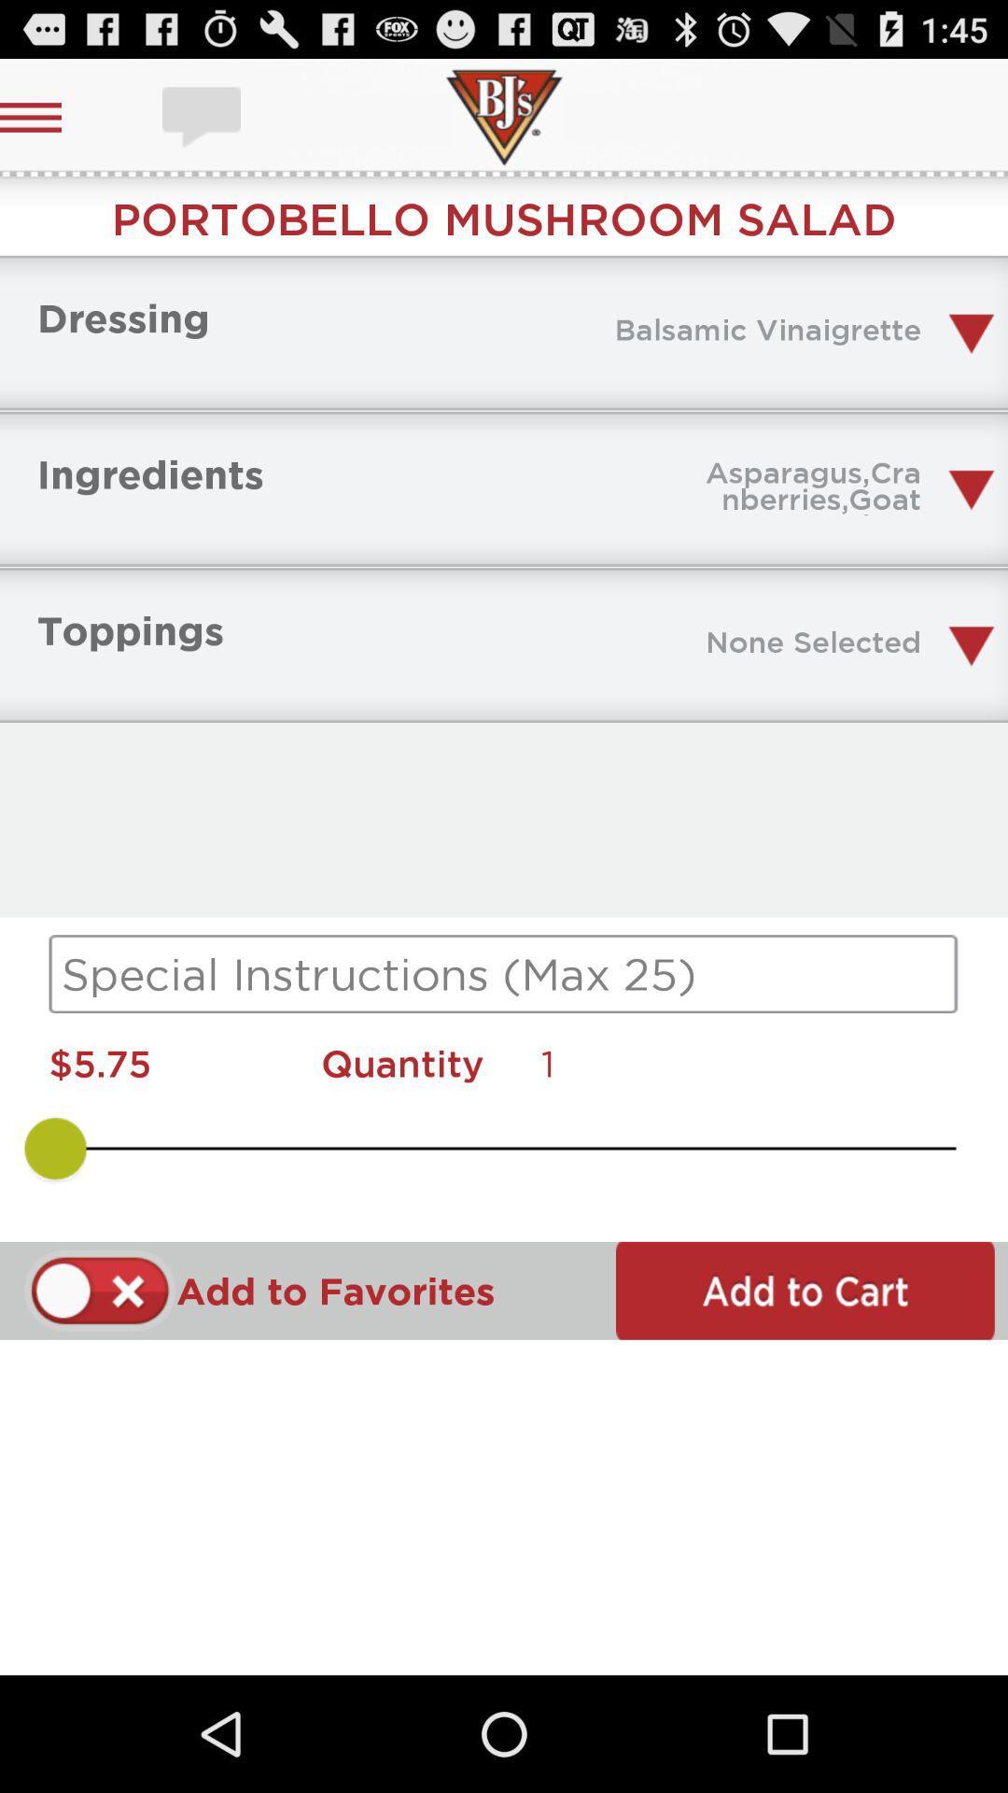 This screenshot has width=1008, height=1793. Describe the element at coordinates (100, 1290) in the screenshot. I see `favorite status` at that location.